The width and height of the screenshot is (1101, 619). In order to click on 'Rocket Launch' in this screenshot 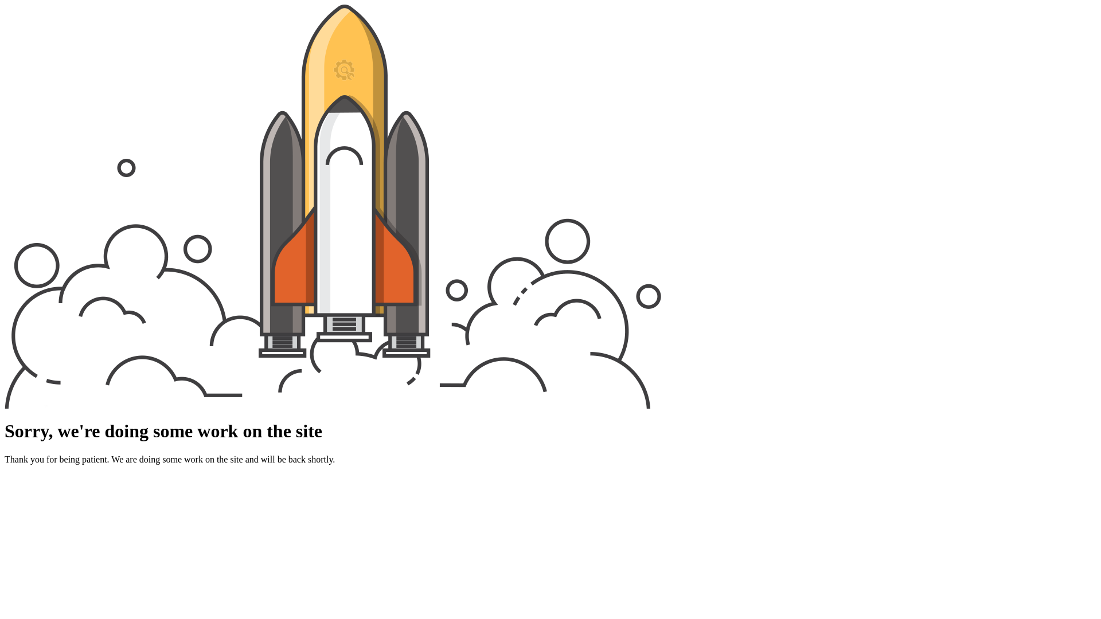, I will do `click(332, 206)`.